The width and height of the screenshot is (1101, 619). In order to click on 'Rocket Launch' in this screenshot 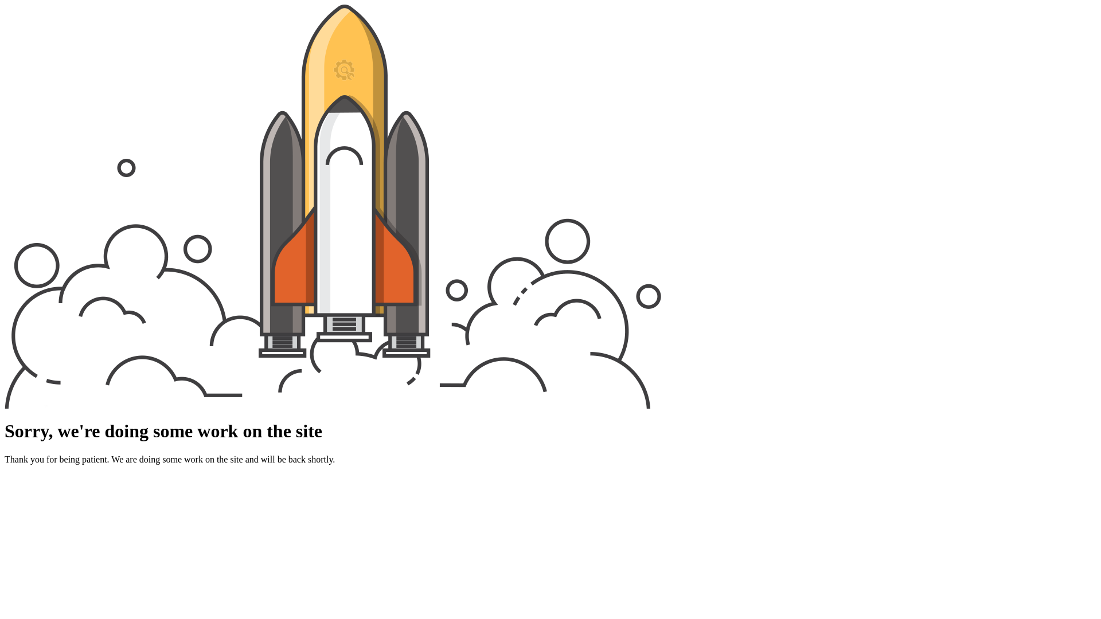, I will do `click(332, 206)`.